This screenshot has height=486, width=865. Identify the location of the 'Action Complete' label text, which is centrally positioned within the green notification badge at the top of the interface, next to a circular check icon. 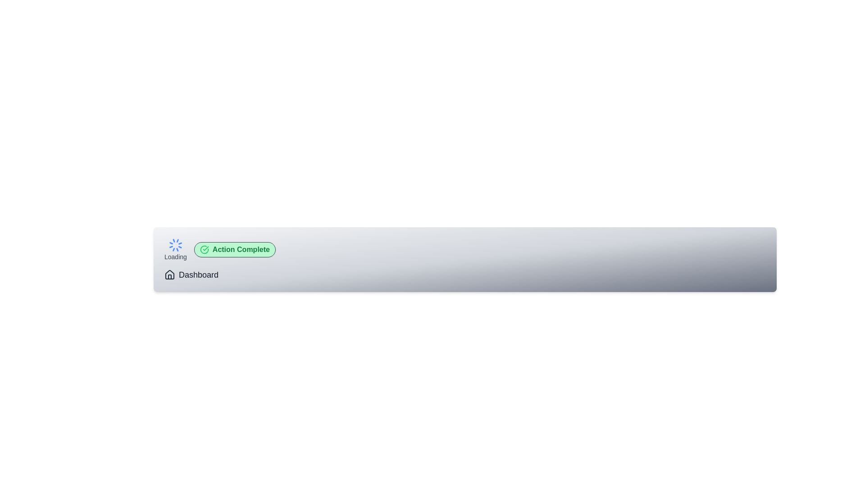
(241, 250).